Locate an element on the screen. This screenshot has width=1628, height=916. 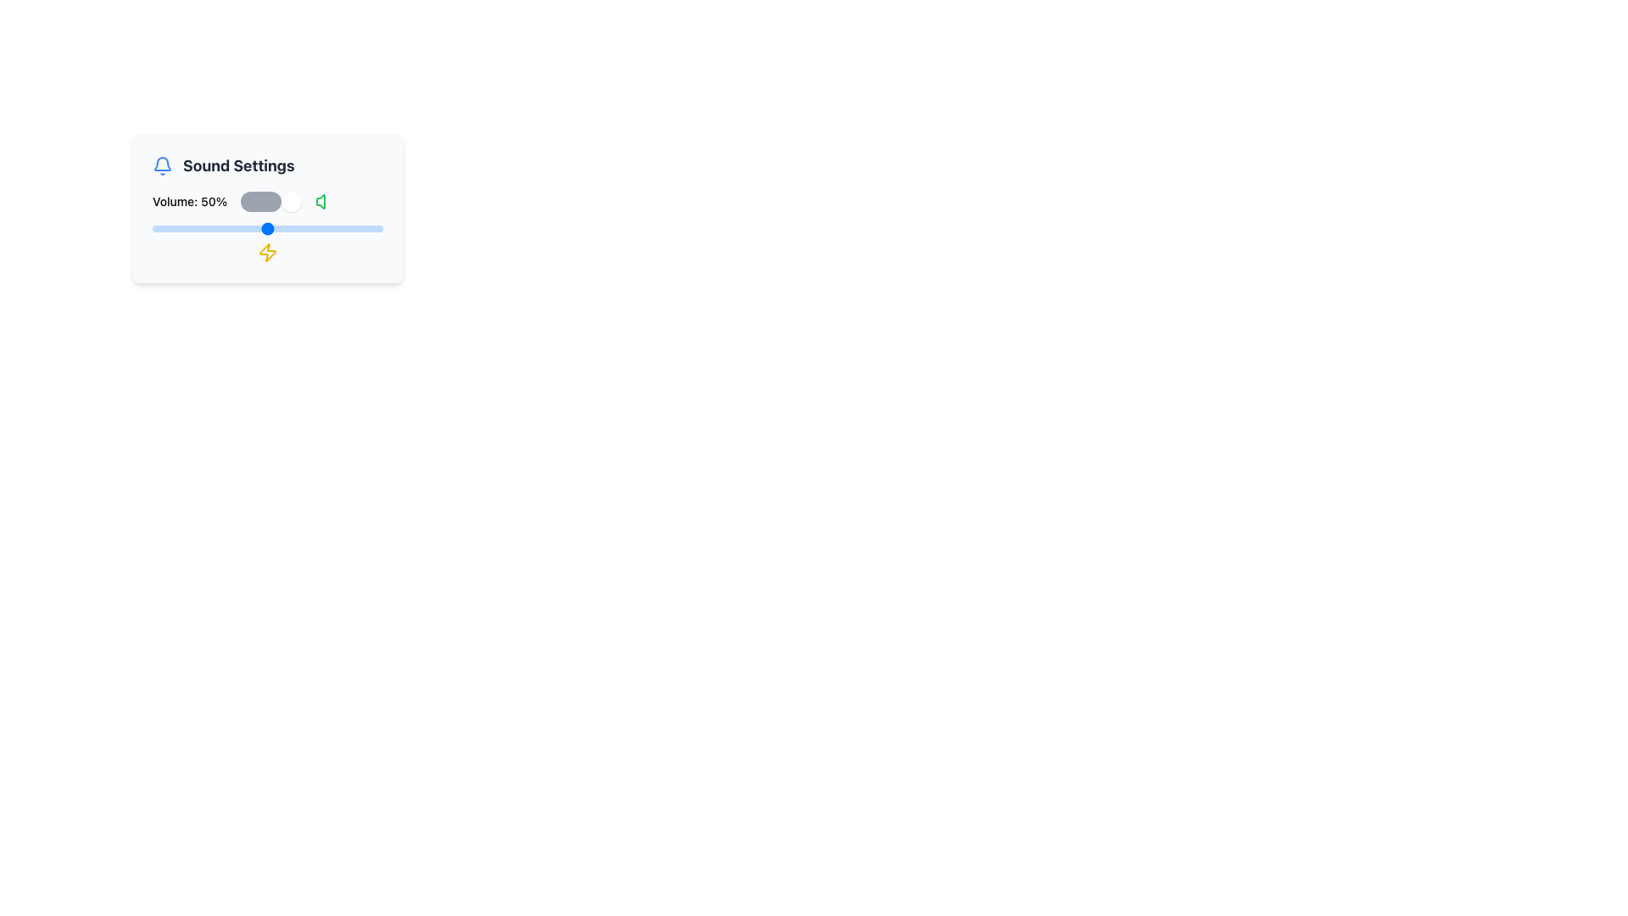
the toggle switch labeled 'Volume: 50%' in the sound settings section for potential visual feedback is located at coordinates (267, 201).